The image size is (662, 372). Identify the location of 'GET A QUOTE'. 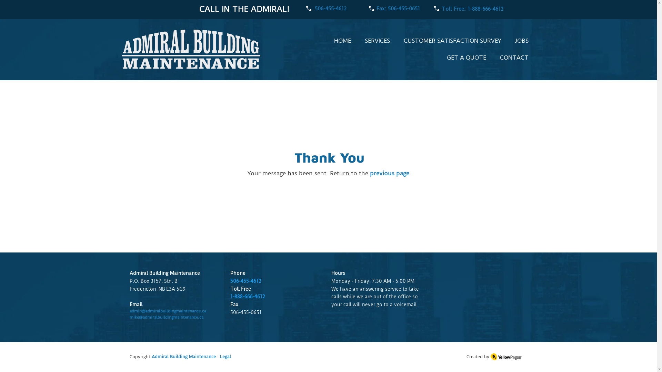
(467, 57).